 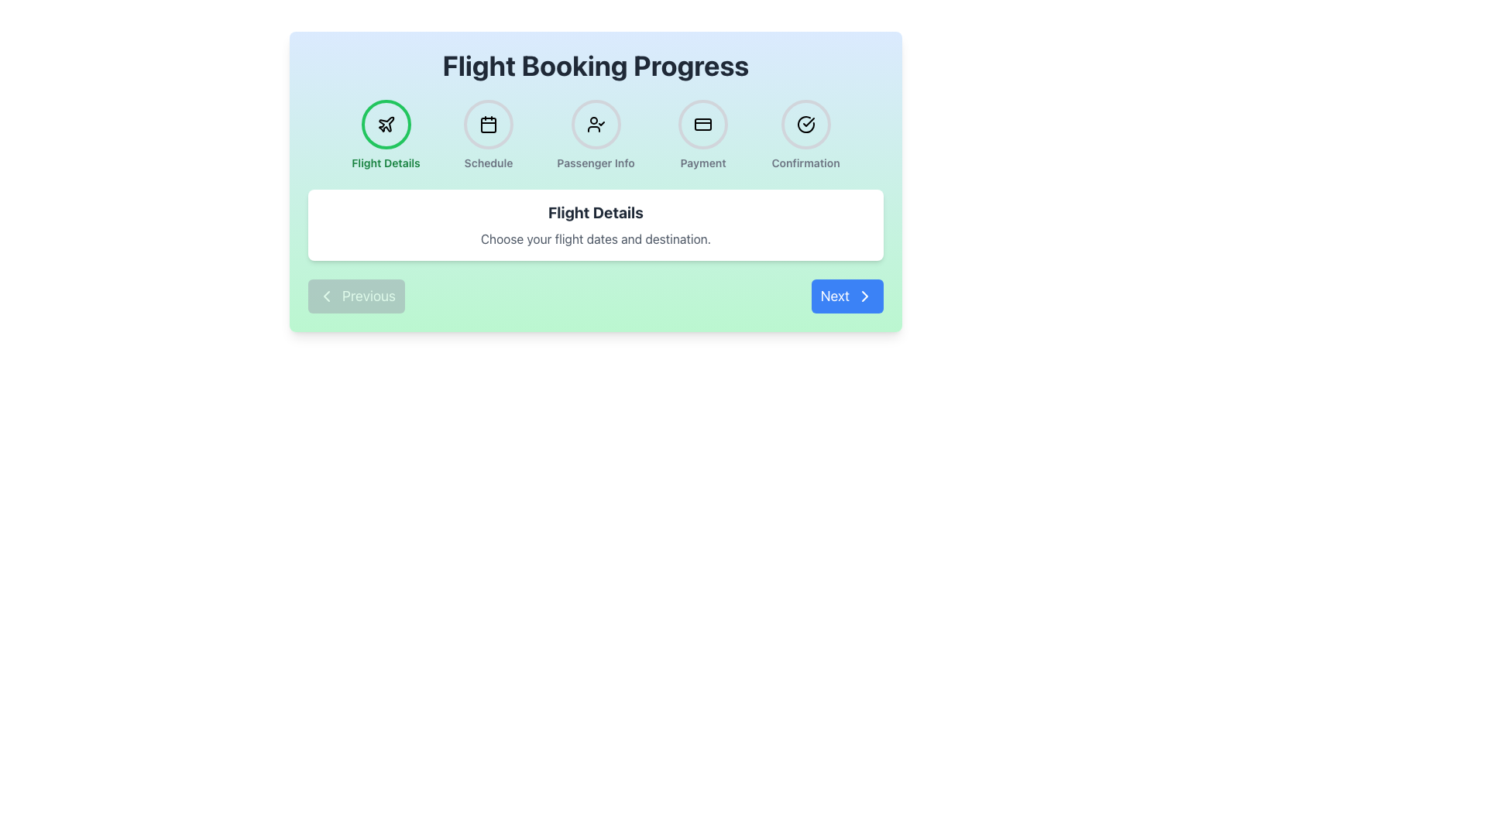 What do you see at coordinates (488, 125) in the screenshot?
I see `the second icon from the left in the row of circular context markers, which represents the 'Schedule' step in the flight booking process, to interact with the associated step` at bounding box center [488, 125].